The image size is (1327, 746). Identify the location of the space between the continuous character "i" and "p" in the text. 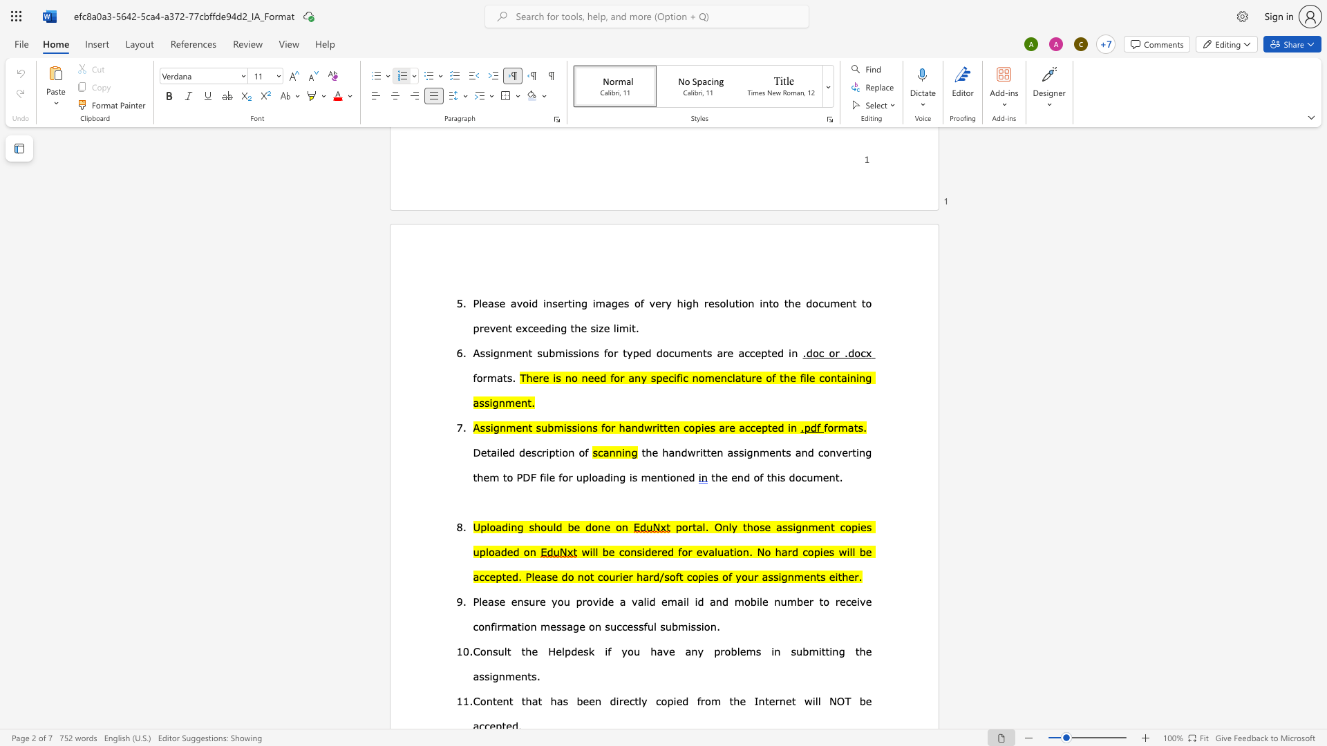
(549, 452).